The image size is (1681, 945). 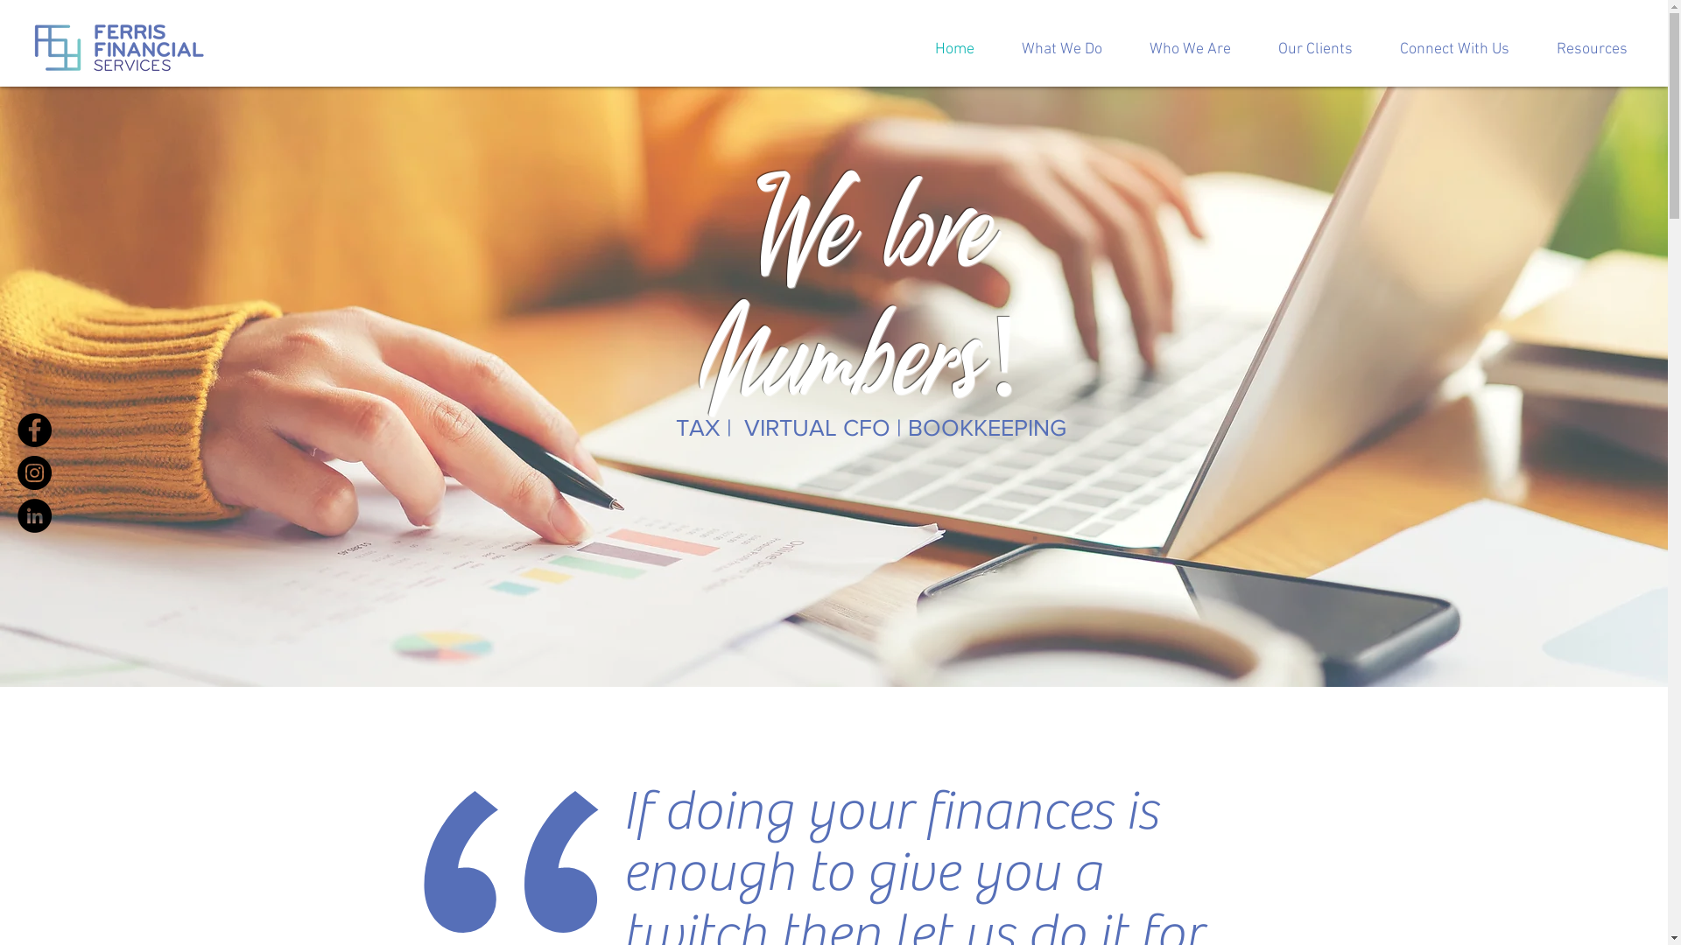 I want to click on 'Connect With Us', so click(x=1454, y=48).